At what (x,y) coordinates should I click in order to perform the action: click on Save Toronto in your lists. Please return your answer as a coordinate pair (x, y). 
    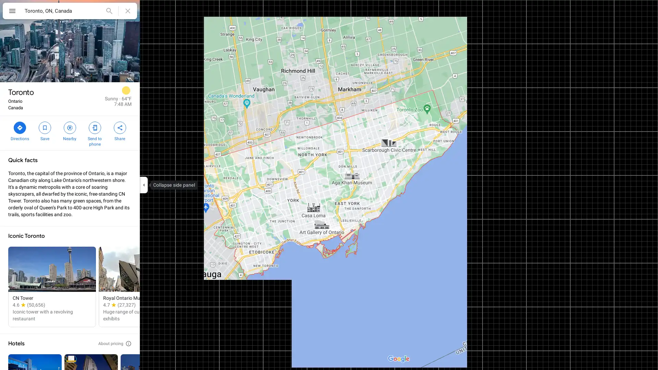
    Looking at the image, I should click on (44, 131).